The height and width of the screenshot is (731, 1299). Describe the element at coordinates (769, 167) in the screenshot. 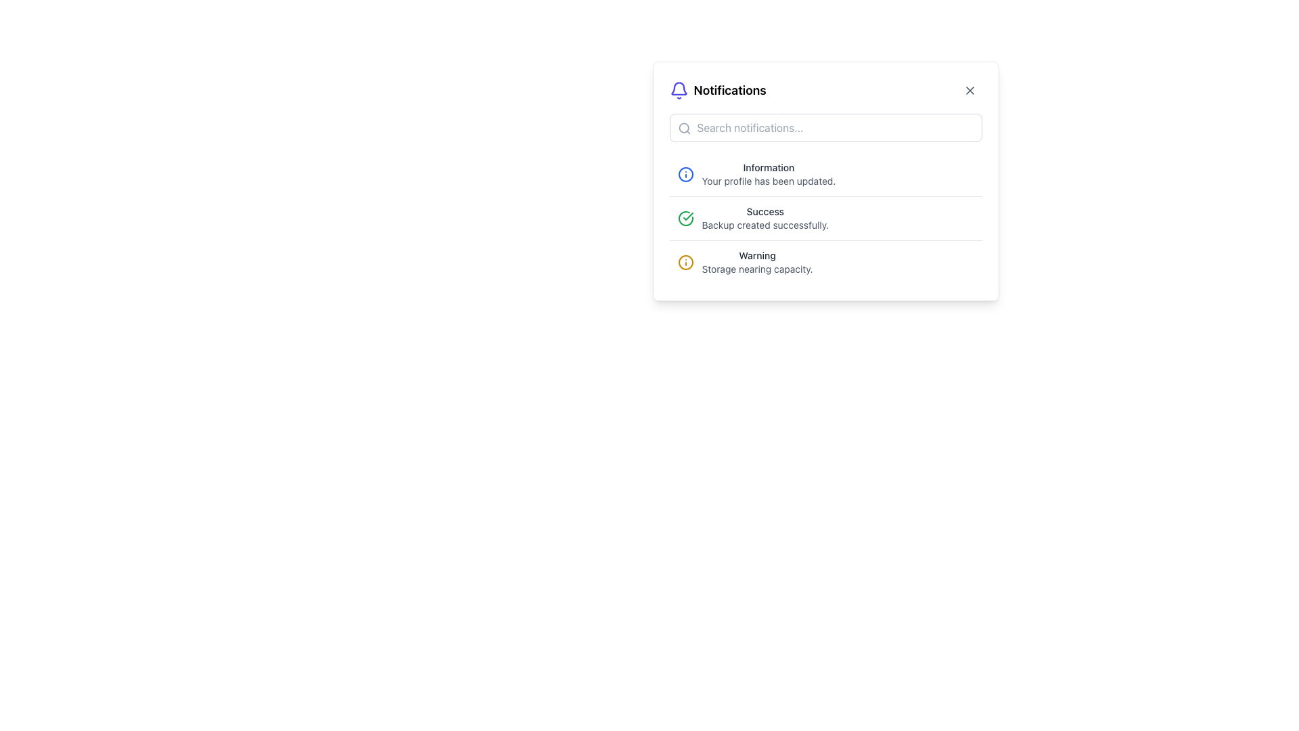

I see `the static text label that serves as the title for the informational notification, located at the upper section of the notification interface` at that location.